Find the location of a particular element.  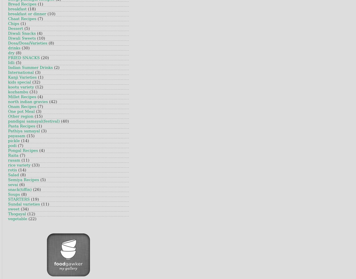

'pickle' is located at coordinates (14, 140).